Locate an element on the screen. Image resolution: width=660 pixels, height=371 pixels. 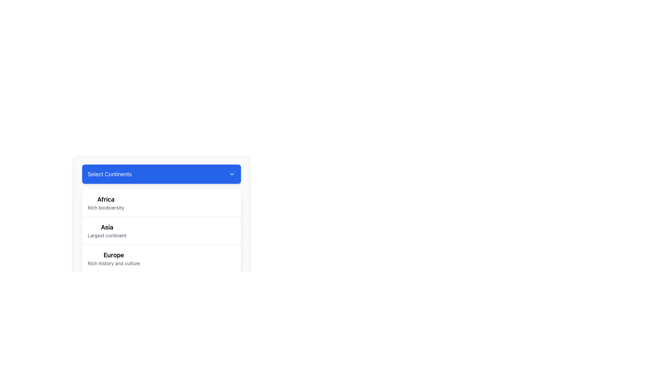
the list item displaying 'Asia' is located at coordinates (161, 244).